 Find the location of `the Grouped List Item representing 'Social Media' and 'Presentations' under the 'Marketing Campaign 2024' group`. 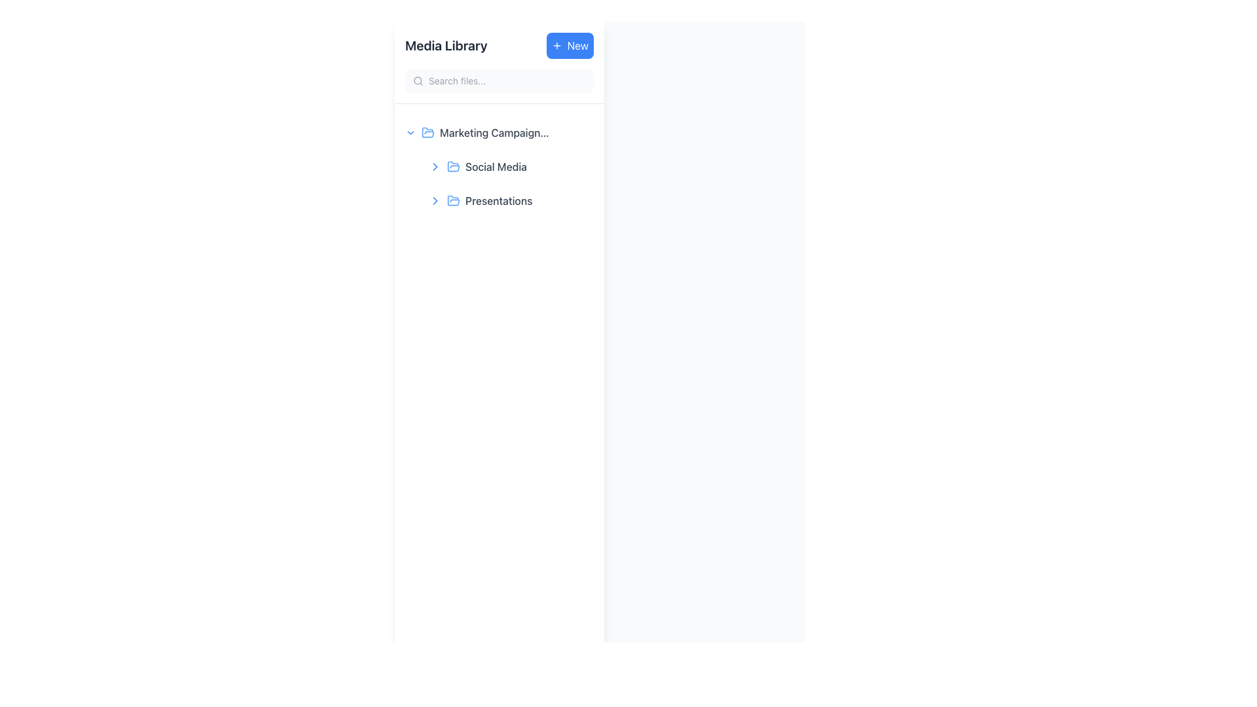

the Grouped List Item representing 'Social Media' and 'Presentations' under the 'Marketing Campaign 2024' group is located at coordinates (504, 184).